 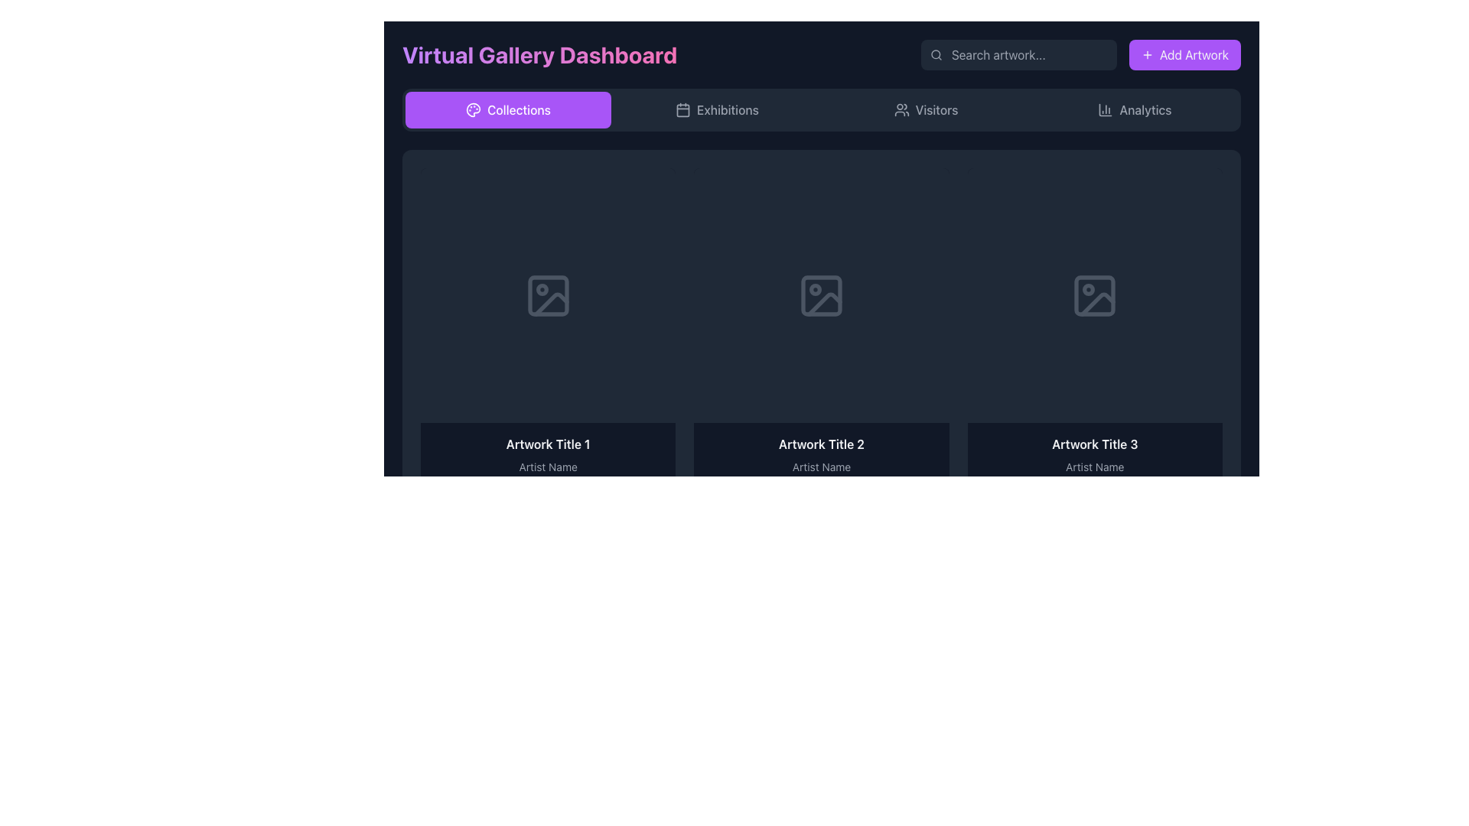 I want to click on the small circular button with a purple background and an eye-like icon, located in the third column of the topmost row of the grid layout of artworks, so click(x=1074, y=295).